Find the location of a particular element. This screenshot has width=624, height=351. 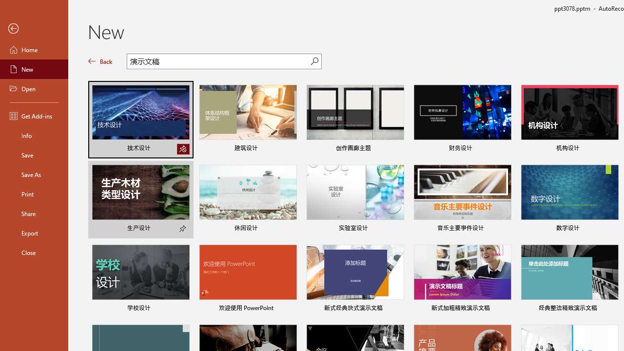

'New' is located at coordinates (34, 68).